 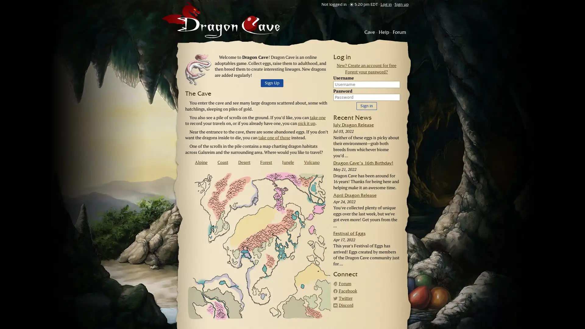 I want to click on Sign in, so click(x=366, y=105).